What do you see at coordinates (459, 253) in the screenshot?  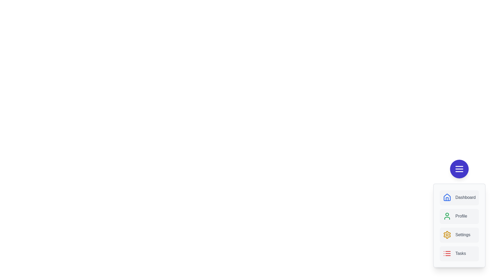 I see `the Tasks option from the menu` at bounding box center [459, 253].